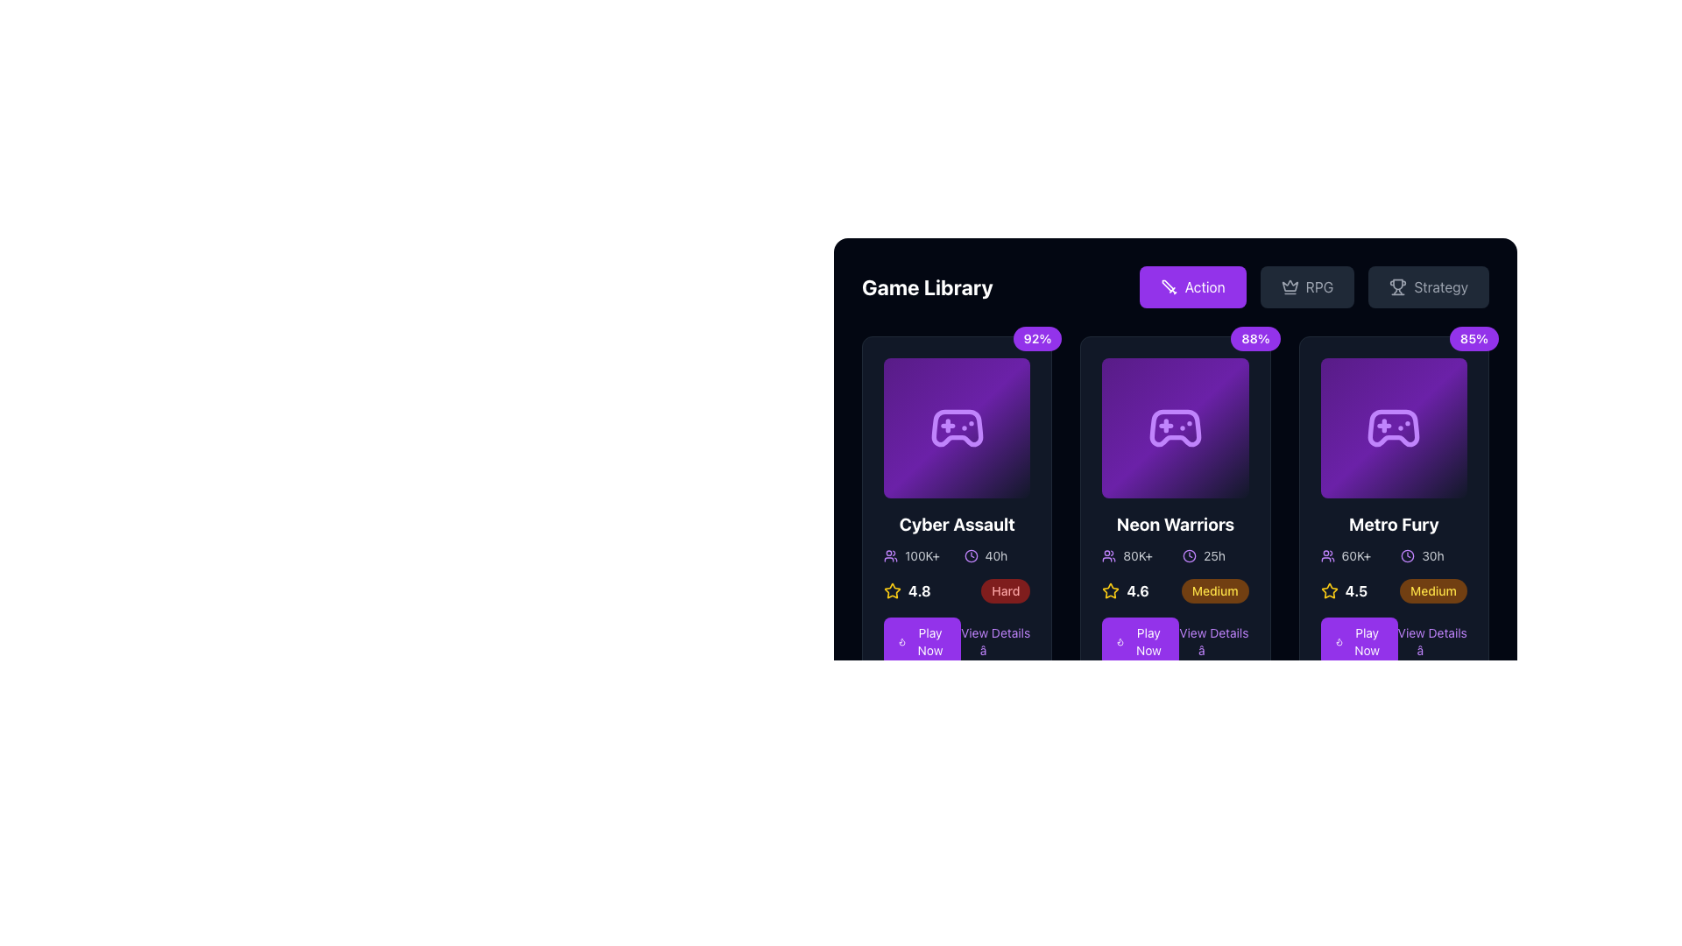  I want to click on the textual component displaying '80K+' and '25h' with accompanying icons, located in the second card of the 'Game Library' under the 'Neon Warriors' section, so click(1176, 556).